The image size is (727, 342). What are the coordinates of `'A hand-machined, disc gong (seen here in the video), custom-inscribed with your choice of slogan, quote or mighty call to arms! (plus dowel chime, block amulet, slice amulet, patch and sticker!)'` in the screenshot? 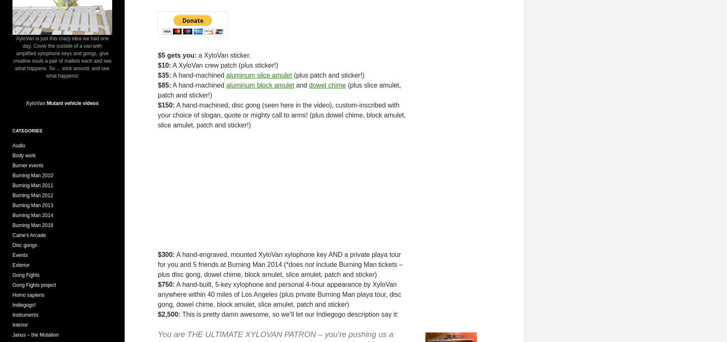 It's located at (281, 115).